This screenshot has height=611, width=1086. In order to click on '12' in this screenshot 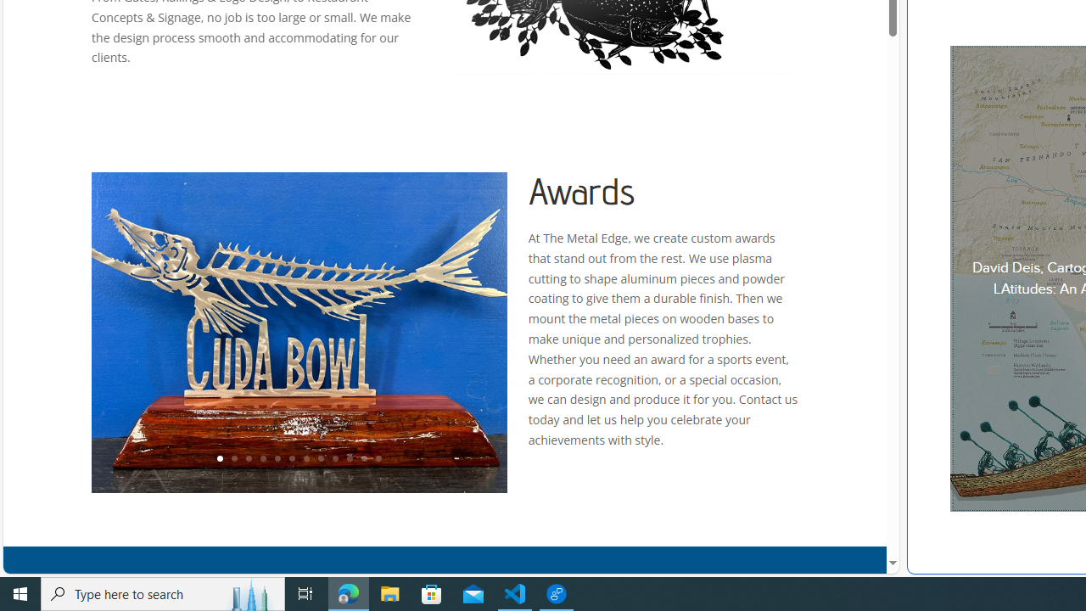, I will do `click(378, 459)`.